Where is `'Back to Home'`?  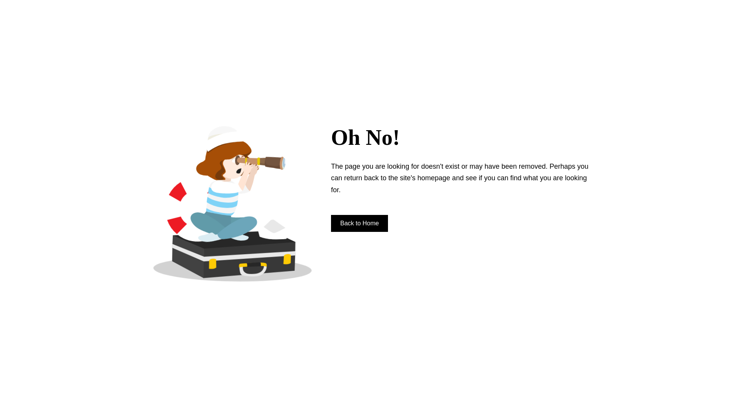
'Back to Home' is located at coordinates (359, 223).